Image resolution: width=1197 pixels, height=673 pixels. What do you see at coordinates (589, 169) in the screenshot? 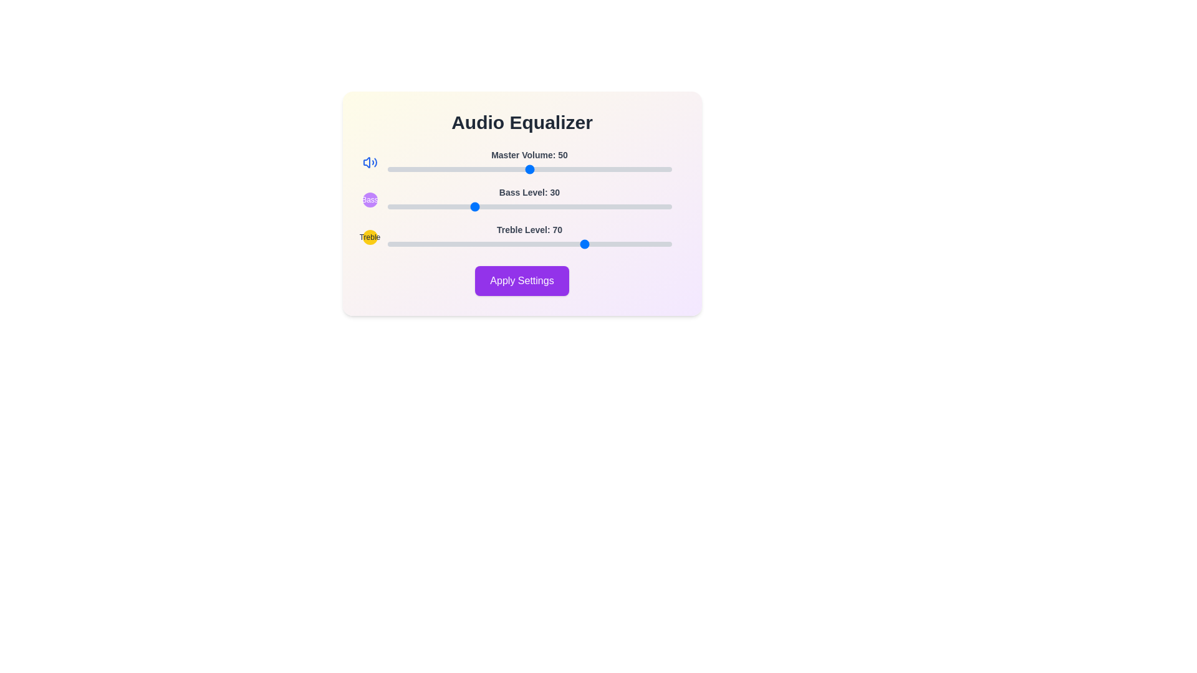
I see `the master volume` at bounding box center [589, 169].